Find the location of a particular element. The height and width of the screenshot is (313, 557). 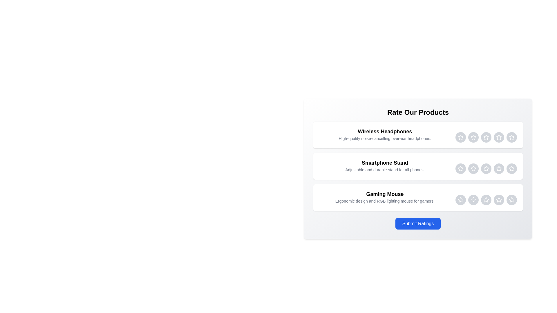

the Gaming Mouse rating star 2 is located at coordinates (473, 200).